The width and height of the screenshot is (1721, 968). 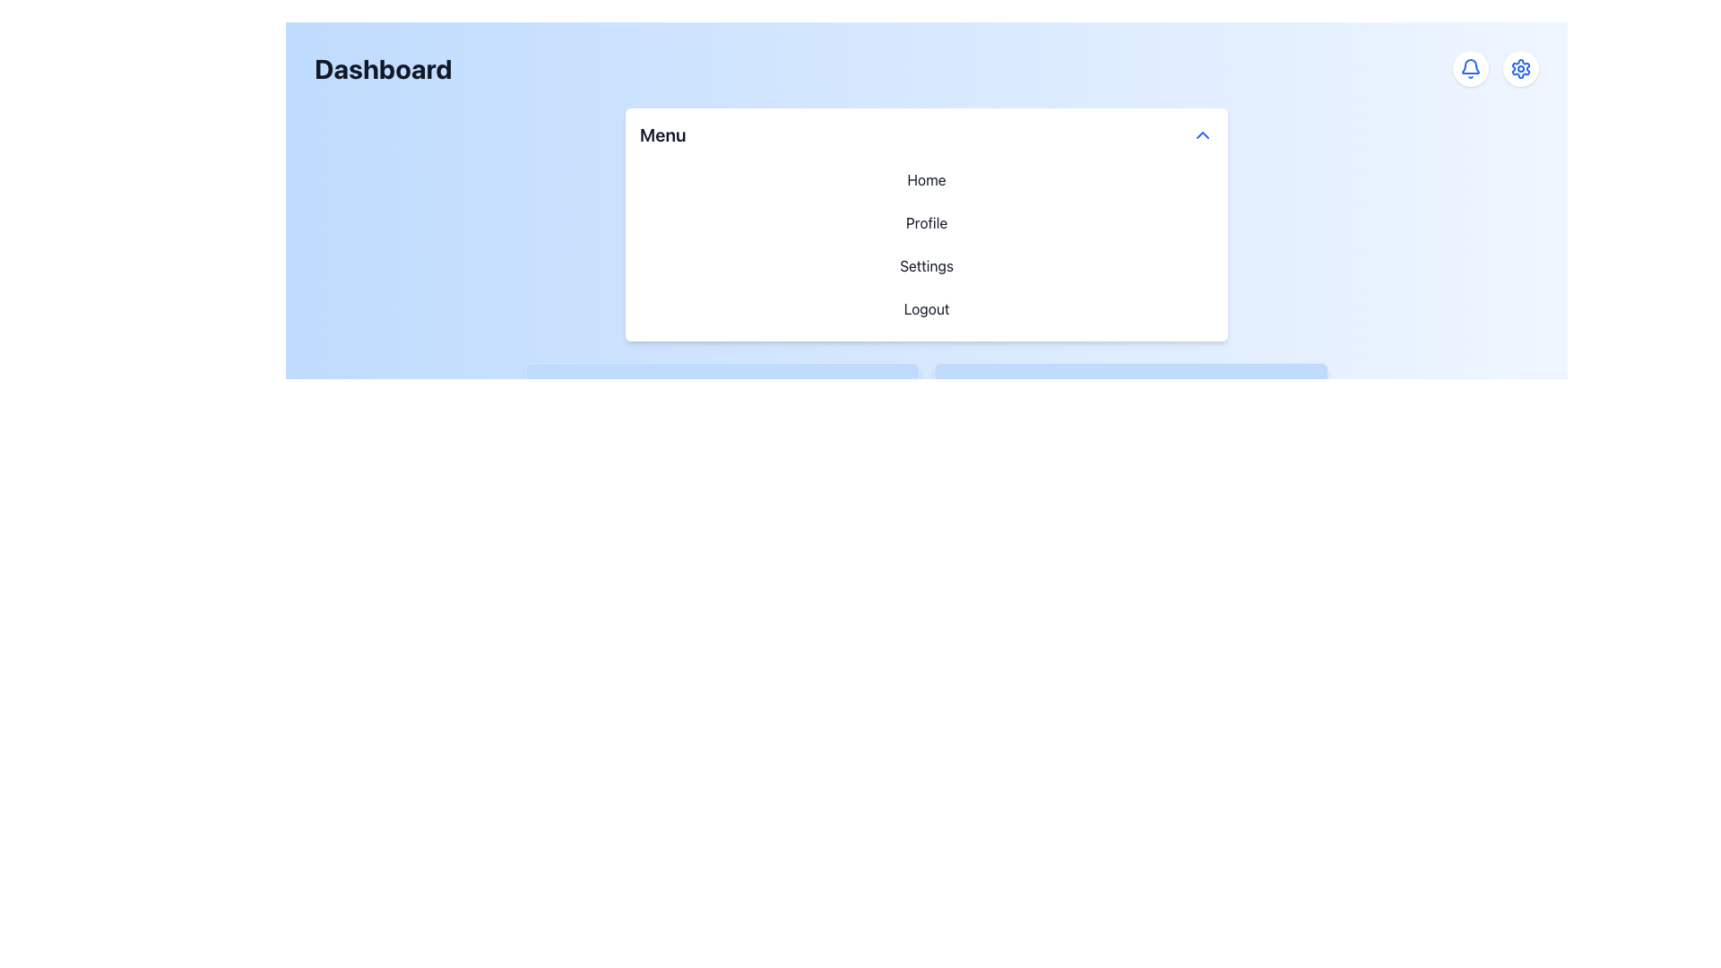 What do you see at coordinates (926, 222) in the screenshot?
I see `the Text Button located` at bounding box center [926, 222].